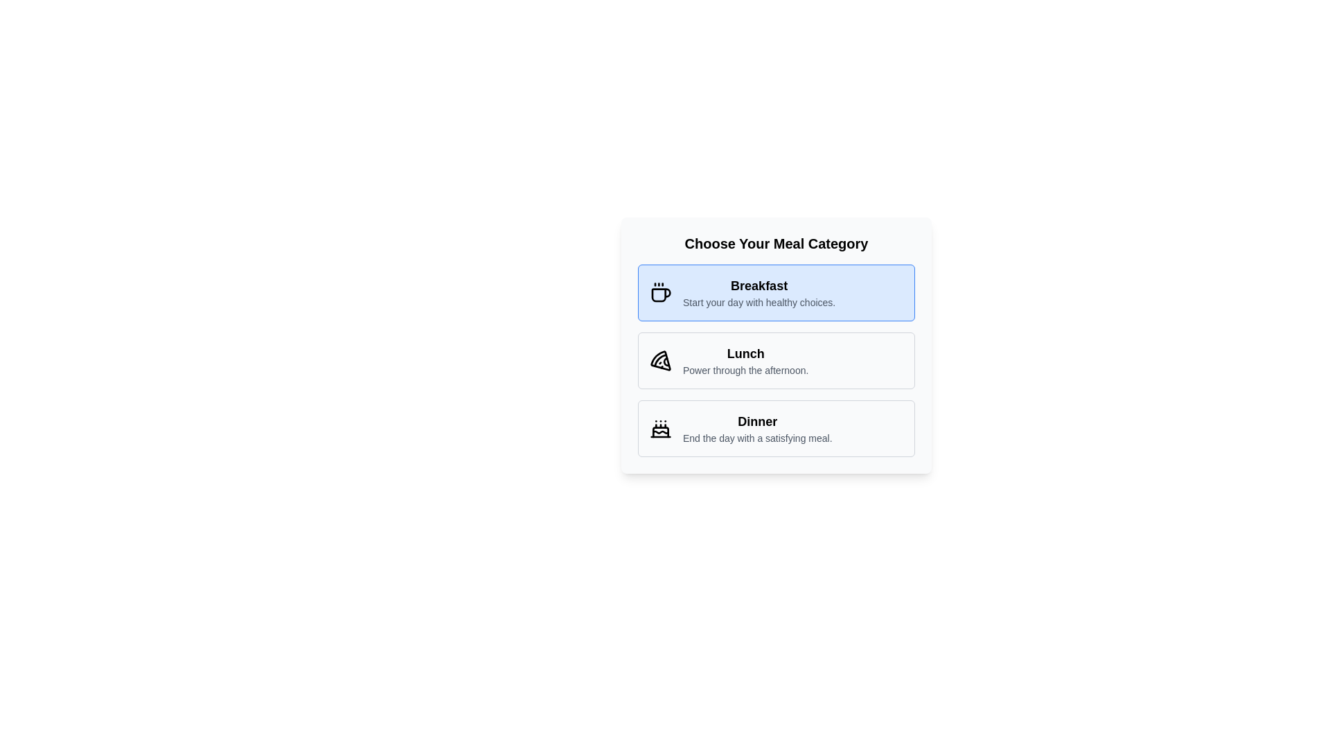  Describe the element at coordinates (759, 285) in the screenshot. I see `the bold text label reading 'Breakfast', which is styled with a medium-large font size and positioned within a light blue background, located near the upper portion of the section labeled 'Choose Your Meal Category'` at that location.